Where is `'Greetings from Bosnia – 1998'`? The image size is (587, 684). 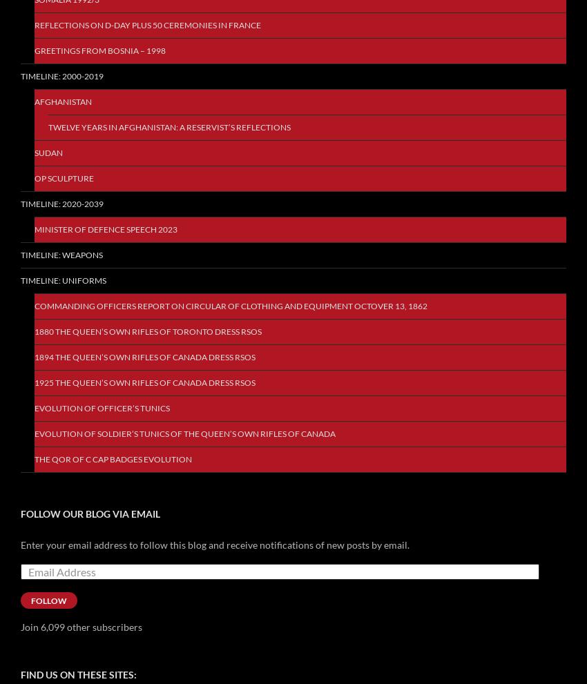
'Greetings from Bosnia – 1998' is located at coordinates (100, 50).